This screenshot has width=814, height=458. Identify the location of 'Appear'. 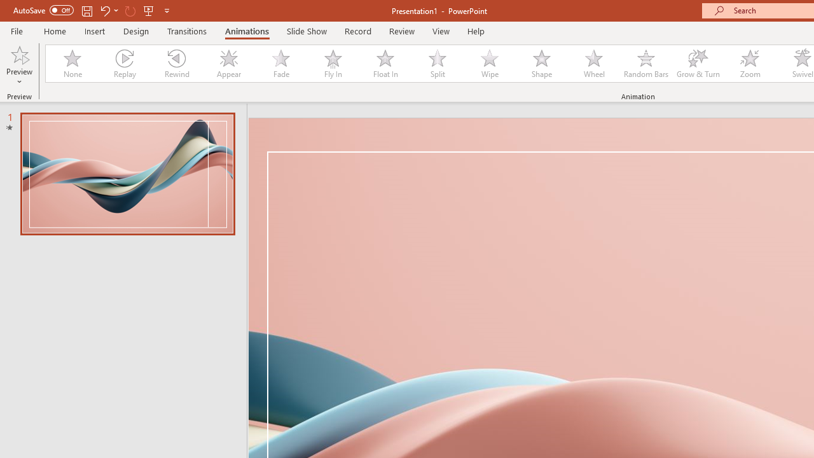
(228, 64).